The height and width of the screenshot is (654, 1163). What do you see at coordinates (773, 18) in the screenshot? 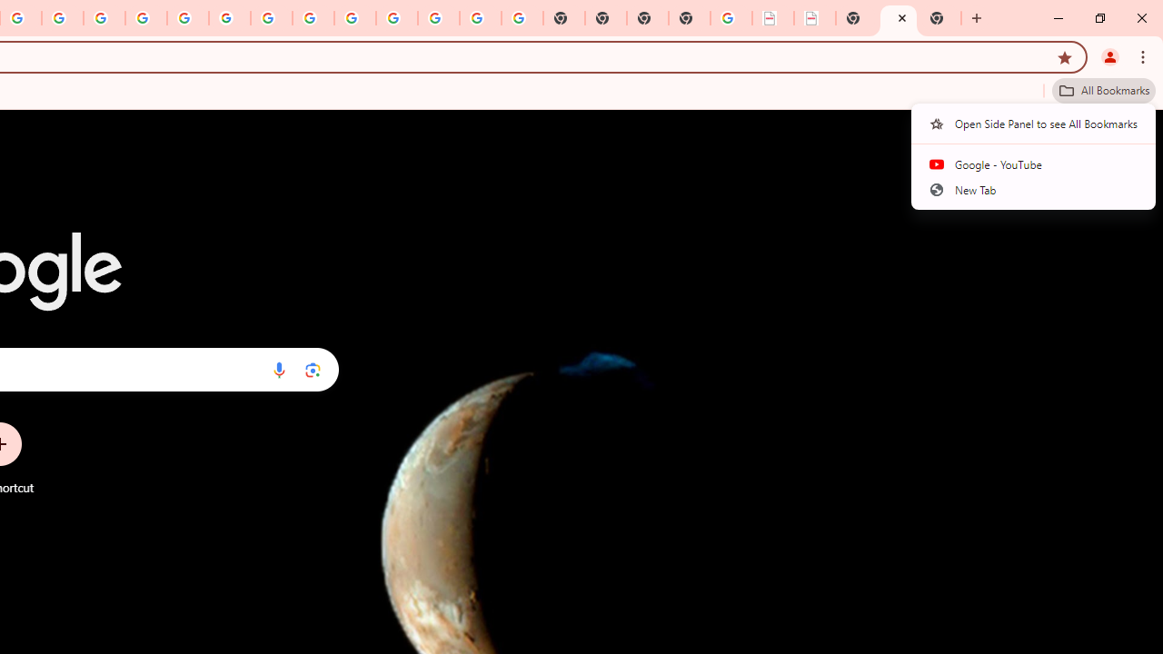
I see `'LAAD Defence & Security 2025 | BAE Systems'` at bounding box center [773, 18].